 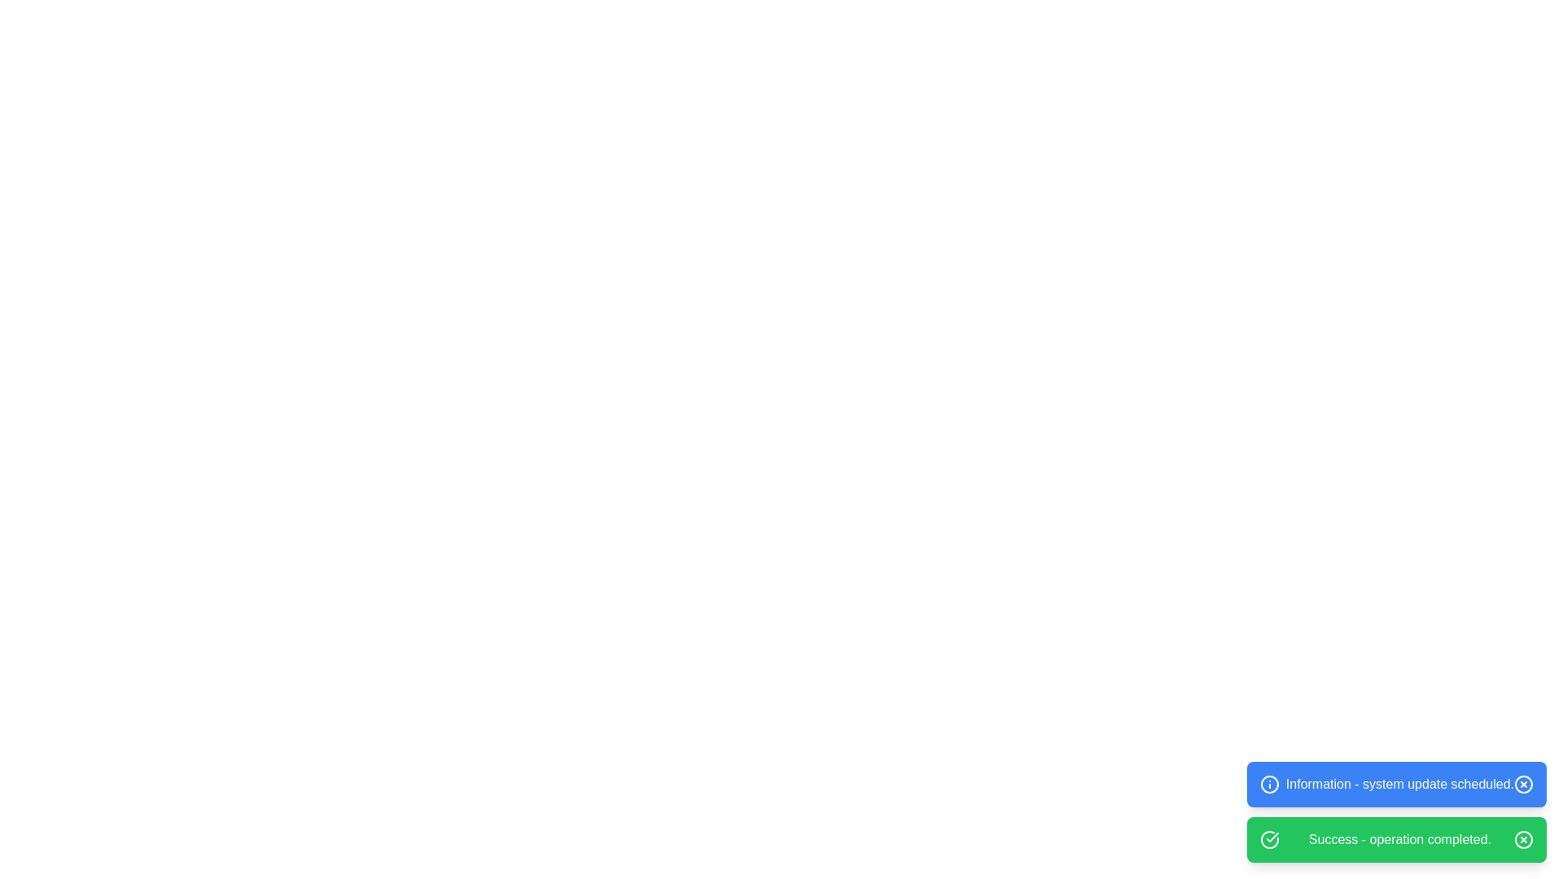 What do you see at coordinates (1399, 784) in the screenshot?
I see `informational message from the text label located in the blue notification card at the top of the notification items, centered horizontally and occupying most of the card's width` at bounding box center [1399, 784].